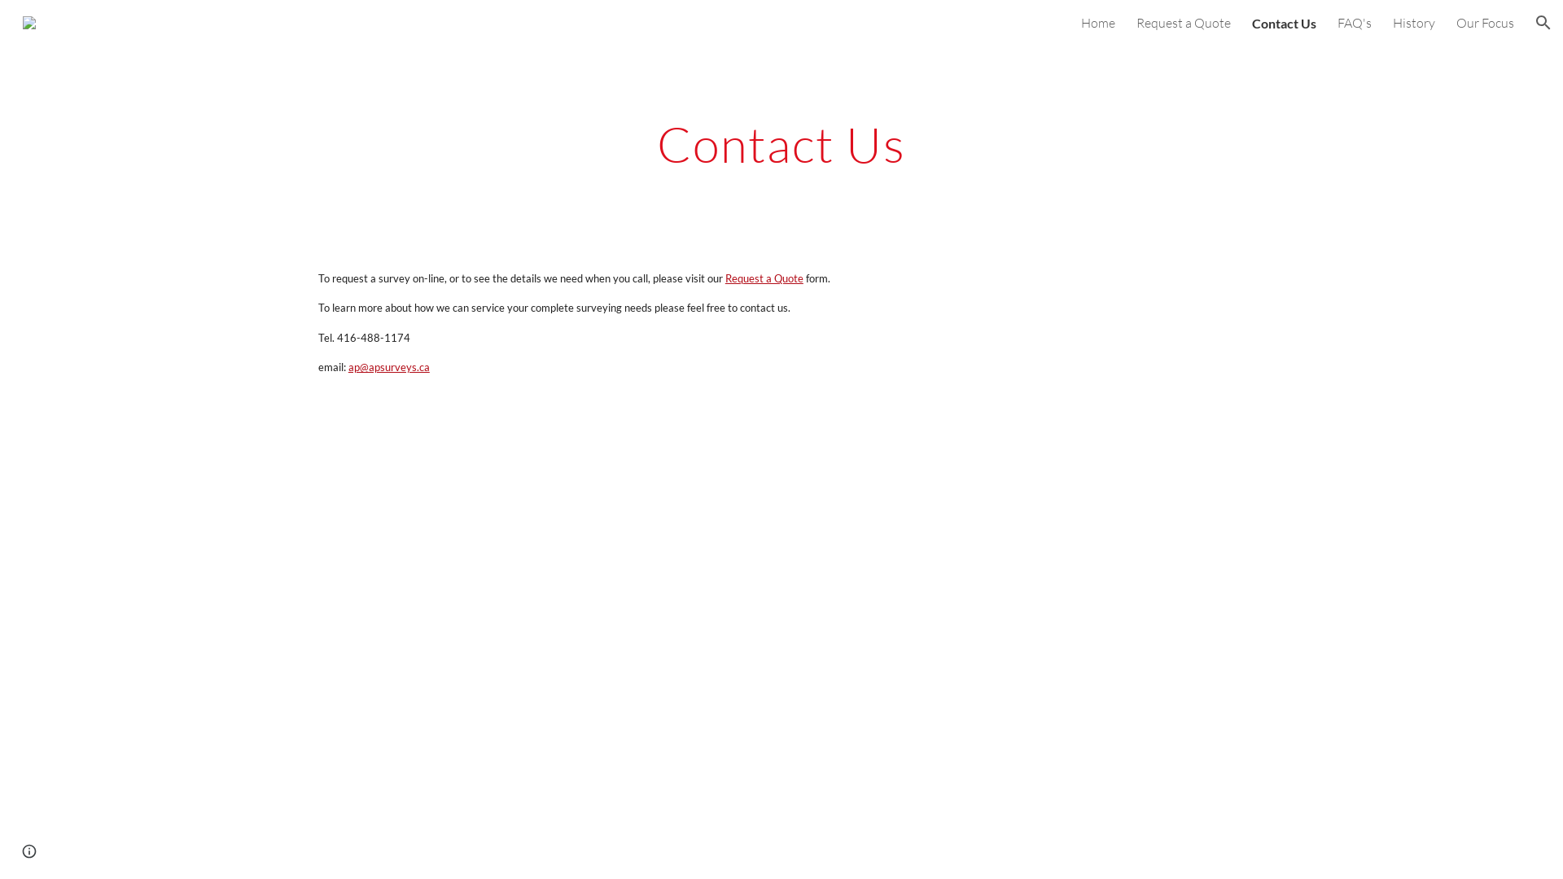 This screenshot has height=879, width=1563. What do you see at coordinates (345, 366) in the screenshot?
I see `'ap@apsurveys.ca'` at bounding box center [345, 366].